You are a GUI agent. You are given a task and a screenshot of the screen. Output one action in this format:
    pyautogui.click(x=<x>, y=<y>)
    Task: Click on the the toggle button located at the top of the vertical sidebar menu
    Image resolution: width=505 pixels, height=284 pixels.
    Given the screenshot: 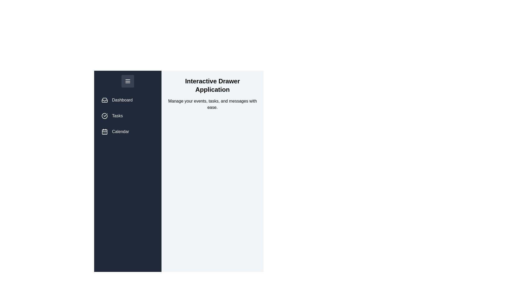 What is the action you would take?
    pyautogui.click(x=128, y=81)
    